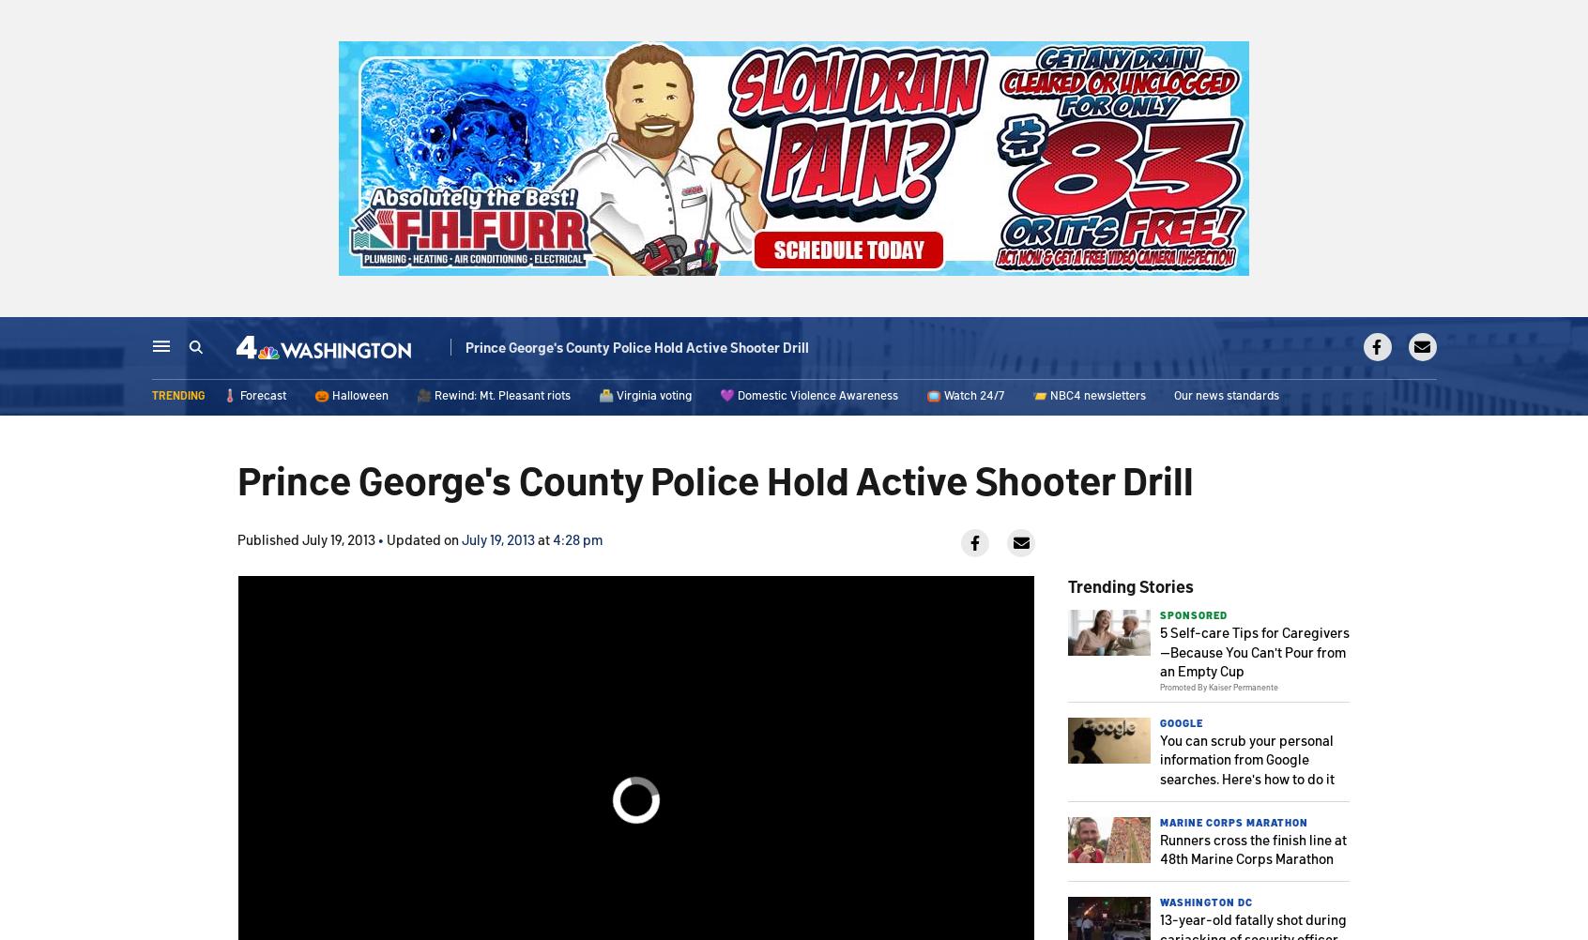 The image size is (1588, 940). What do you see at coordinates (513, 349) in the screenshot?
I see `'Weather'` at bounding box center [513, 349].